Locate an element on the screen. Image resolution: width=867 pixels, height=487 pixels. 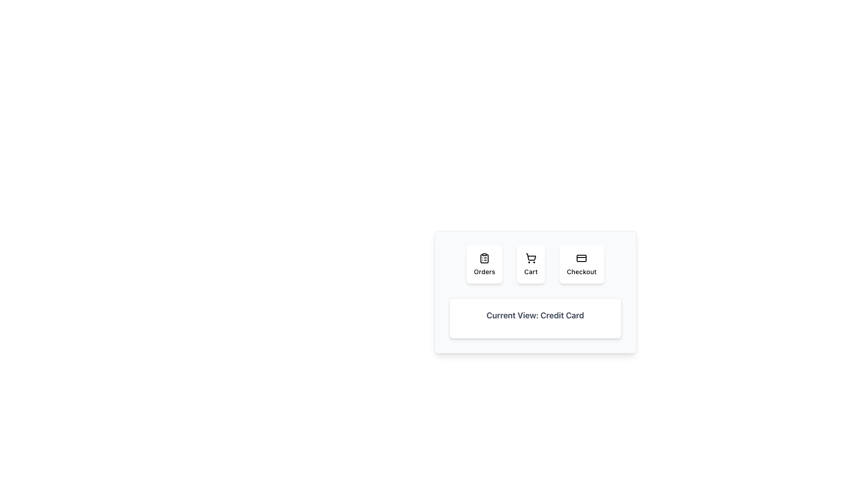
the shopping cart icon that represents the 'Cart' section, which is centered within a white card labeled 'Cart' in a three-card layout is located at coordinates (531, 258).